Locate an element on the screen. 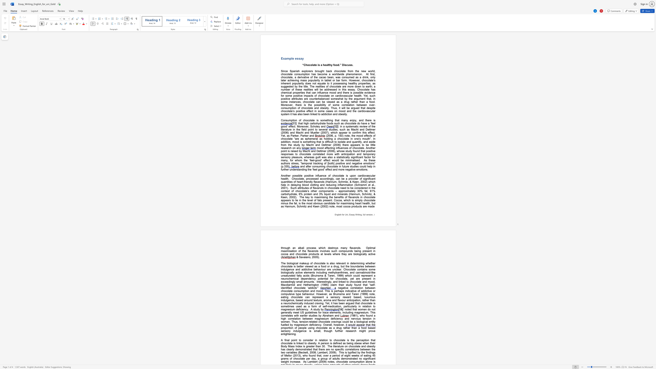 Image resolution: width=656 pixels, height=369 pixels. the subset text "lea" within the text "mood affecting influences of chocolate. Another point is raised by Macht and Dettmer (2006), whose study found that positive responses to chocolate correlated more with anticipation and temporary sensory pleasure," is located at coordinates (293, 157).